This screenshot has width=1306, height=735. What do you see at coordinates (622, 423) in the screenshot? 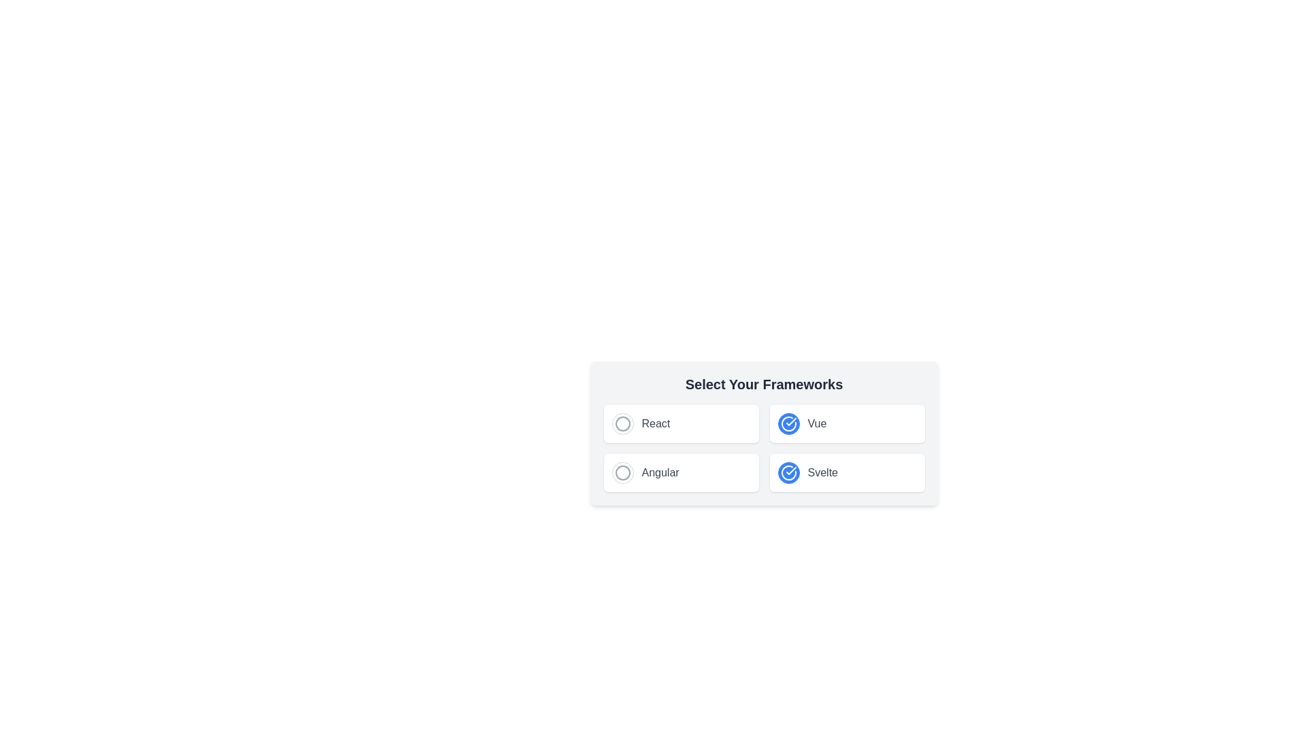
I see `the checkbox or radio button visual indicator located to the left of the text label 'React' in the 'Select Your Frameworks' section` at bounding box center [622, 423].